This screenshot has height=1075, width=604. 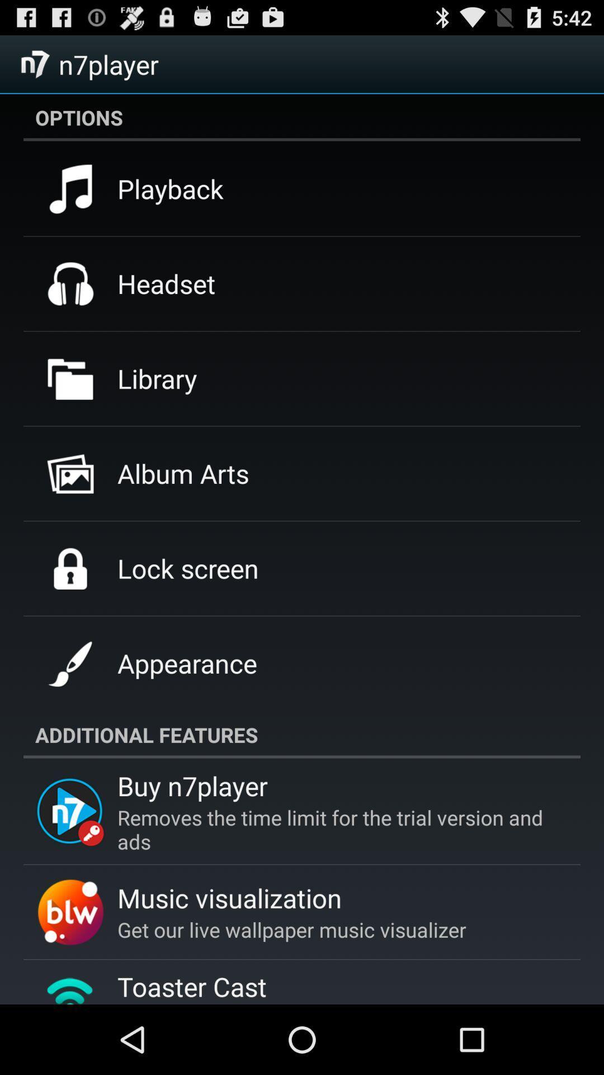 What do you see at coordinates (166, 283) in the screenshot?
I see `headset` at bounding box center [166, 283].